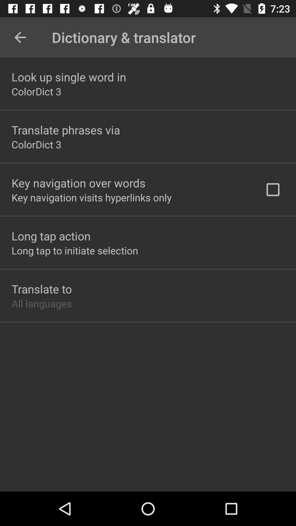 This screenshot has width=296, height=526. What do you see at coordinates (273, 190) in the screenshot?
I see `the item to the right of key navigation visits item` at bounding box center [273, 190].